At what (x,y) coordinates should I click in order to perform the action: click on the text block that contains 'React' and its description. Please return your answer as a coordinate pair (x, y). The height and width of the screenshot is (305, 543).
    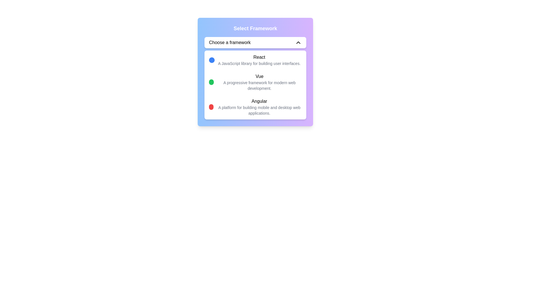
    Looking at the image, I should click on (254, 60).